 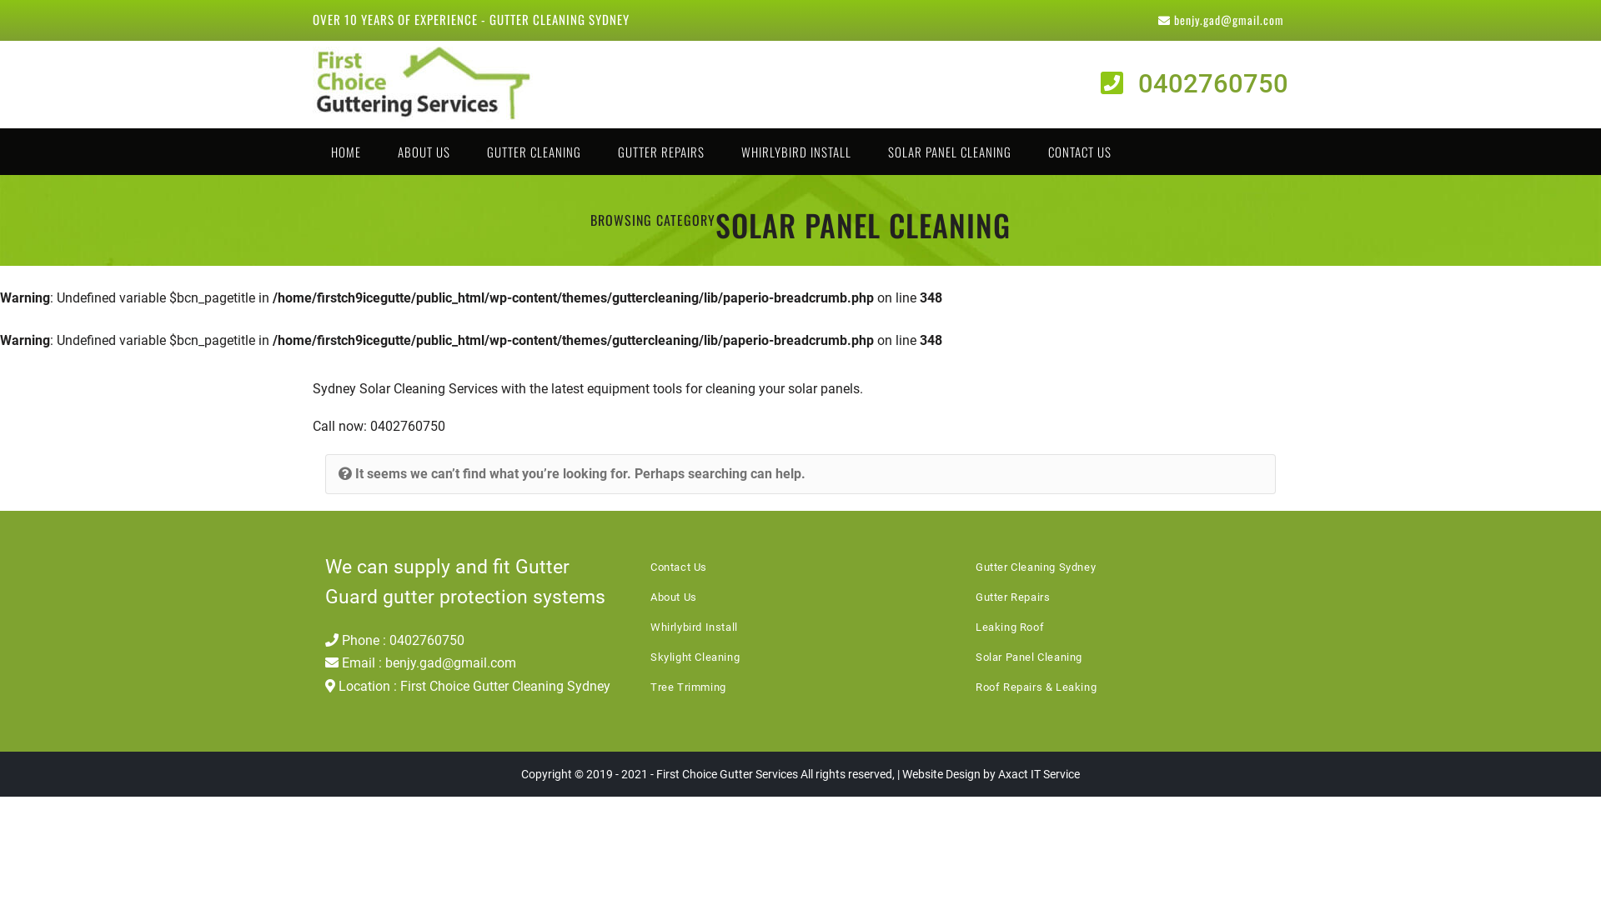 What do you see at coordinates (795, 151) in the screenshot?
I see `'WHIRLYBIRD INSTALL'` at bounding box center [795, 151].